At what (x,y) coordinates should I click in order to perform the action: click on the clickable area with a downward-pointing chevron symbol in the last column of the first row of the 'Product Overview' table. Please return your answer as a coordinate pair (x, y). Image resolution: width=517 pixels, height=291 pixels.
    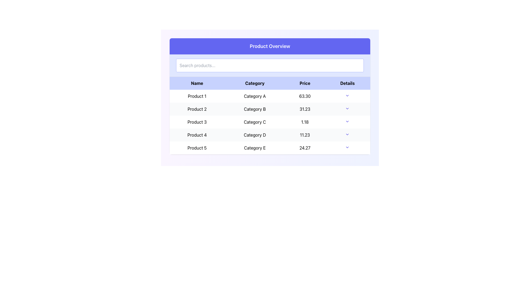
    Looking at the image, I should click on (347, 96).